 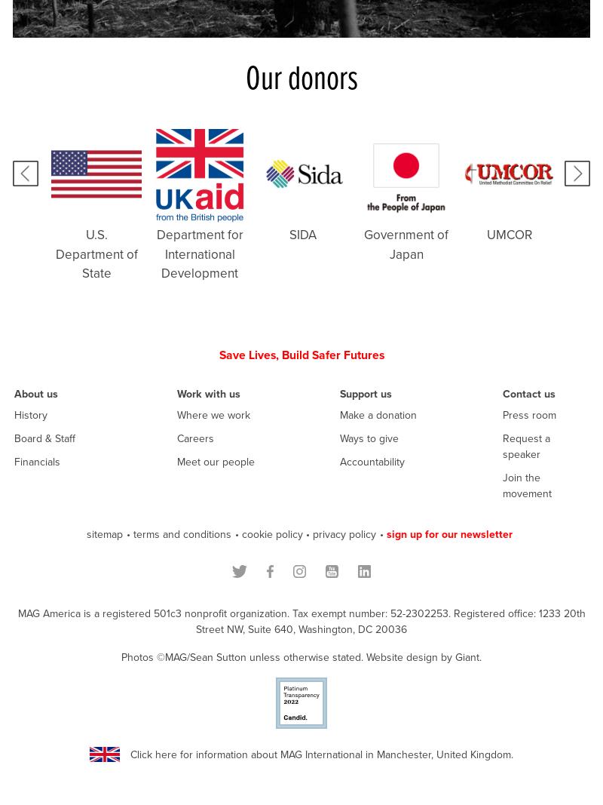 What do you see at coordinates (372, 462) in the screenshot?
I see `'Accountability'` at bounding box center [372, 462].